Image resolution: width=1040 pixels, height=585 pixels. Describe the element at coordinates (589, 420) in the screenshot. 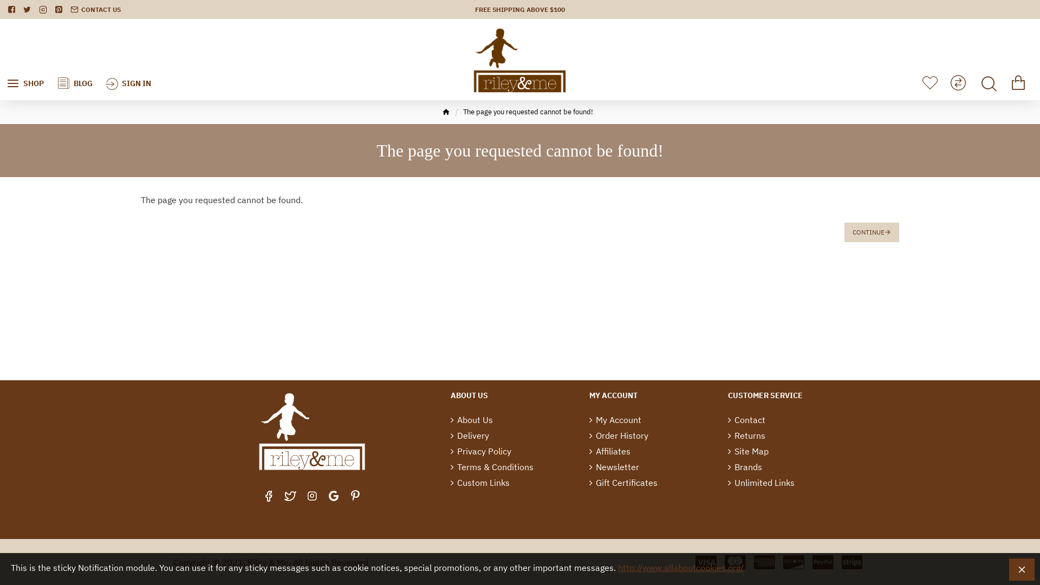

I see `'My Account'` at that location.